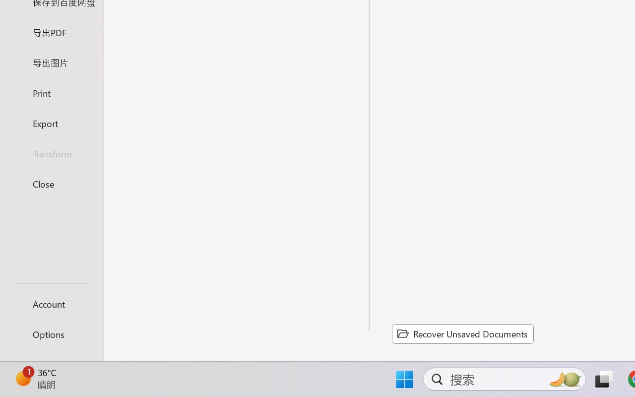  Describe the element at coordinates (462, 333) in the screenshot. I see `'Recover Unsaved Documents'` at that location.